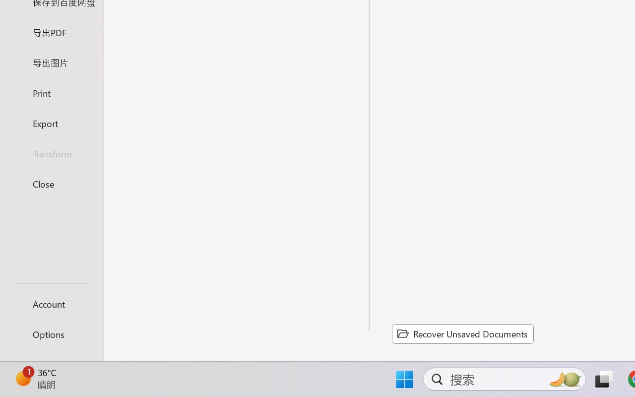  Describe the element at coordinates (462, 333) in the screenshot. I see `'Recover Unsaved Documents'` at that location.